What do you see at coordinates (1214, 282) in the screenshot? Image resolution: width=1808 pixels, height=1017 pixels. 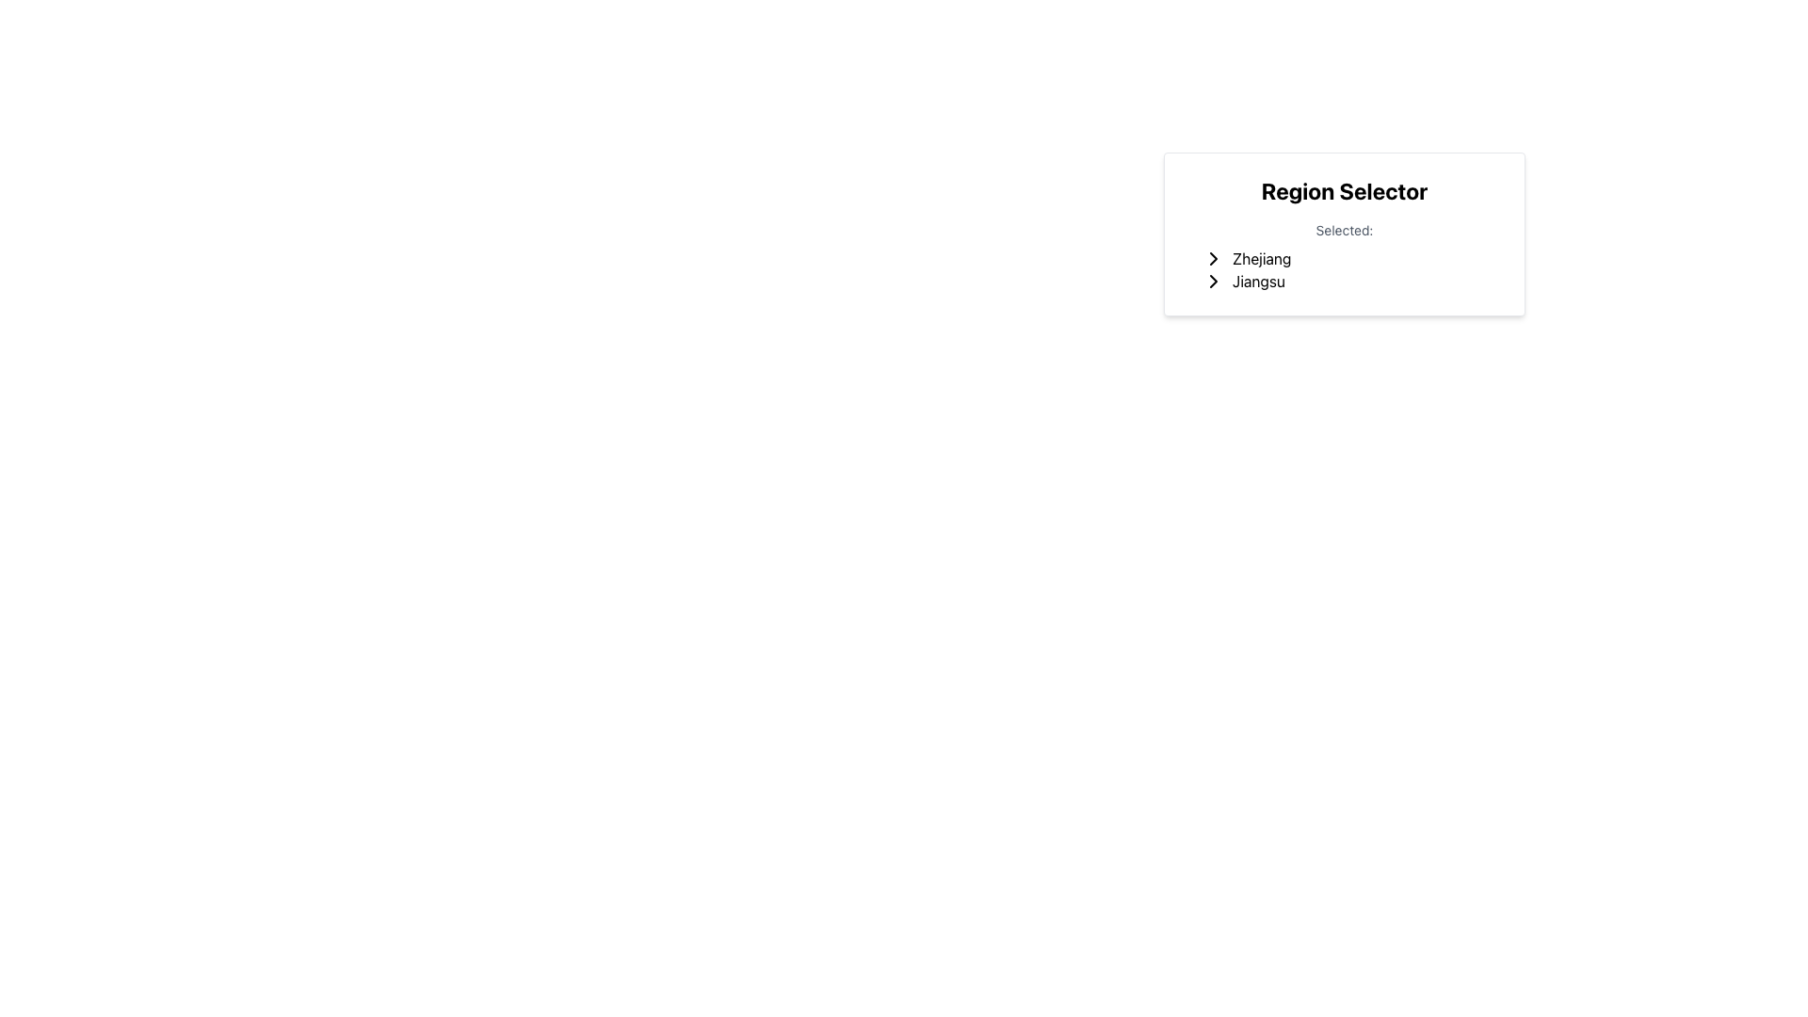 I see `the right-facing chevron icon located to the left of the text 'Jiangsu' in the region selector interface` at bounding box center [1214, 282].